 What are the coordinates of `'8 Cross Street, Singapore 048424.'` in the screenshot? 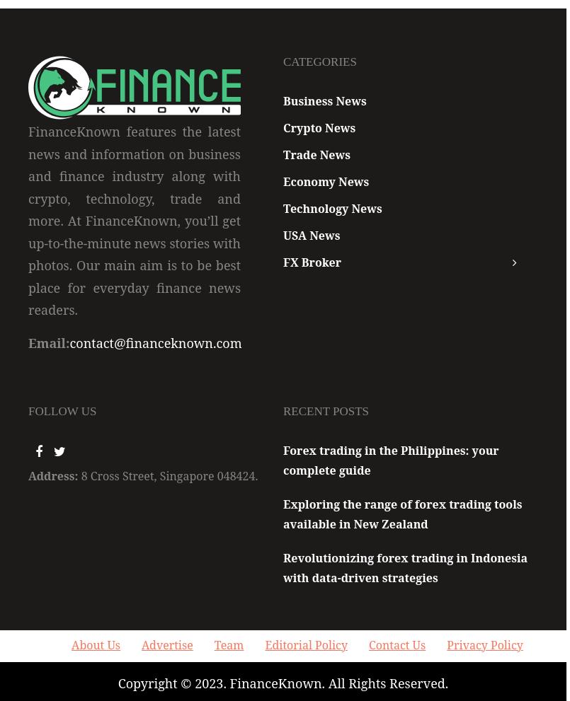 It's located at (169, 475).